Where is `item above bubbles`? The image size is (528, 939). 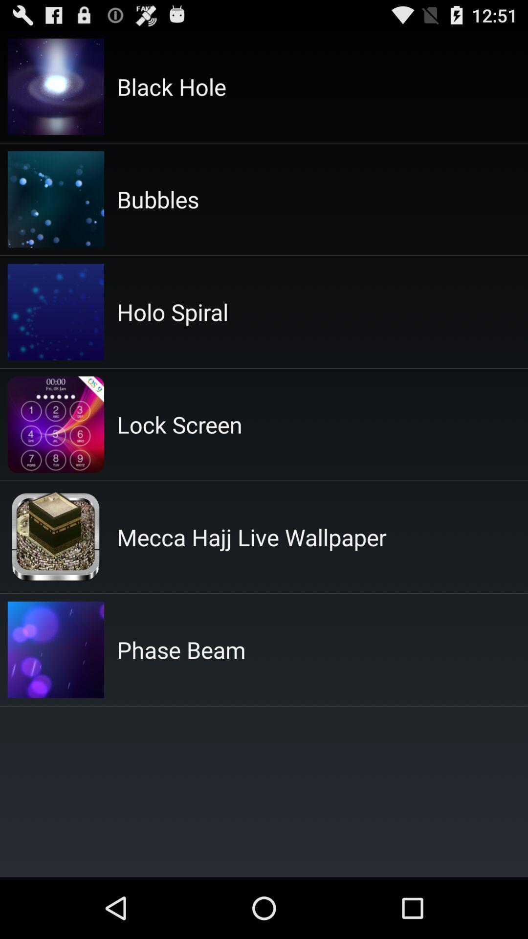 item above bubbles is located at coordinates (171, 87).